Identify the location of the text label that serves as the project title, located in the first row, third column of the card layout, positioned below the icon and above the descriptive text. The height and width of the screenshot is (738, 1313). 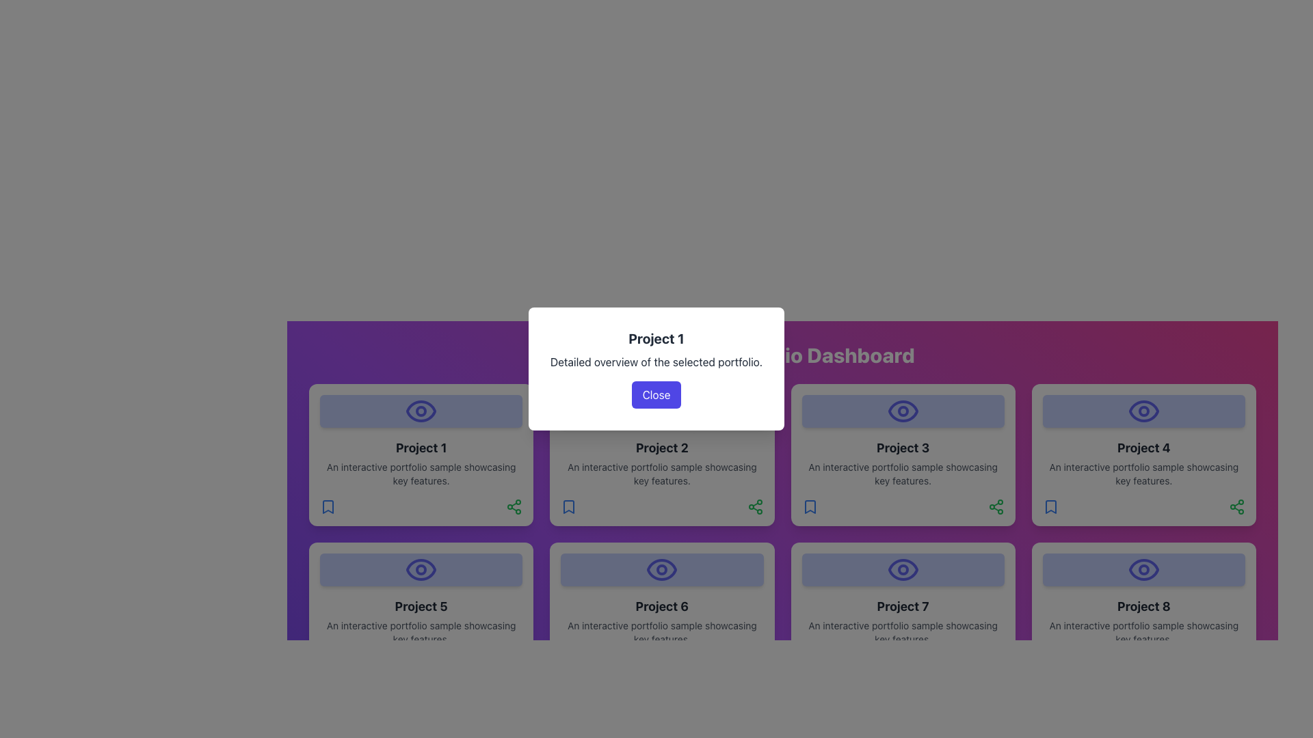
(903, 448).